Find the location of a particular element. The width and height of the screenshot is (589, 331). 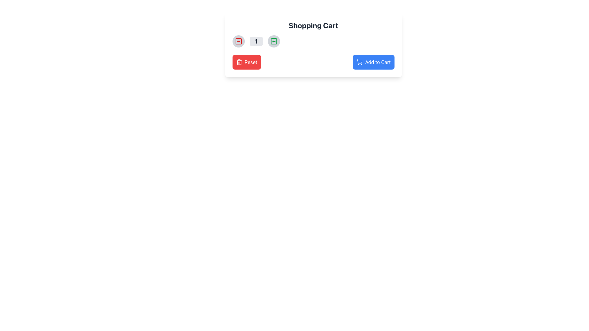

the rounded gray button with a green plus icon to observe its style change when hovered is located at coordinates (273, 41).